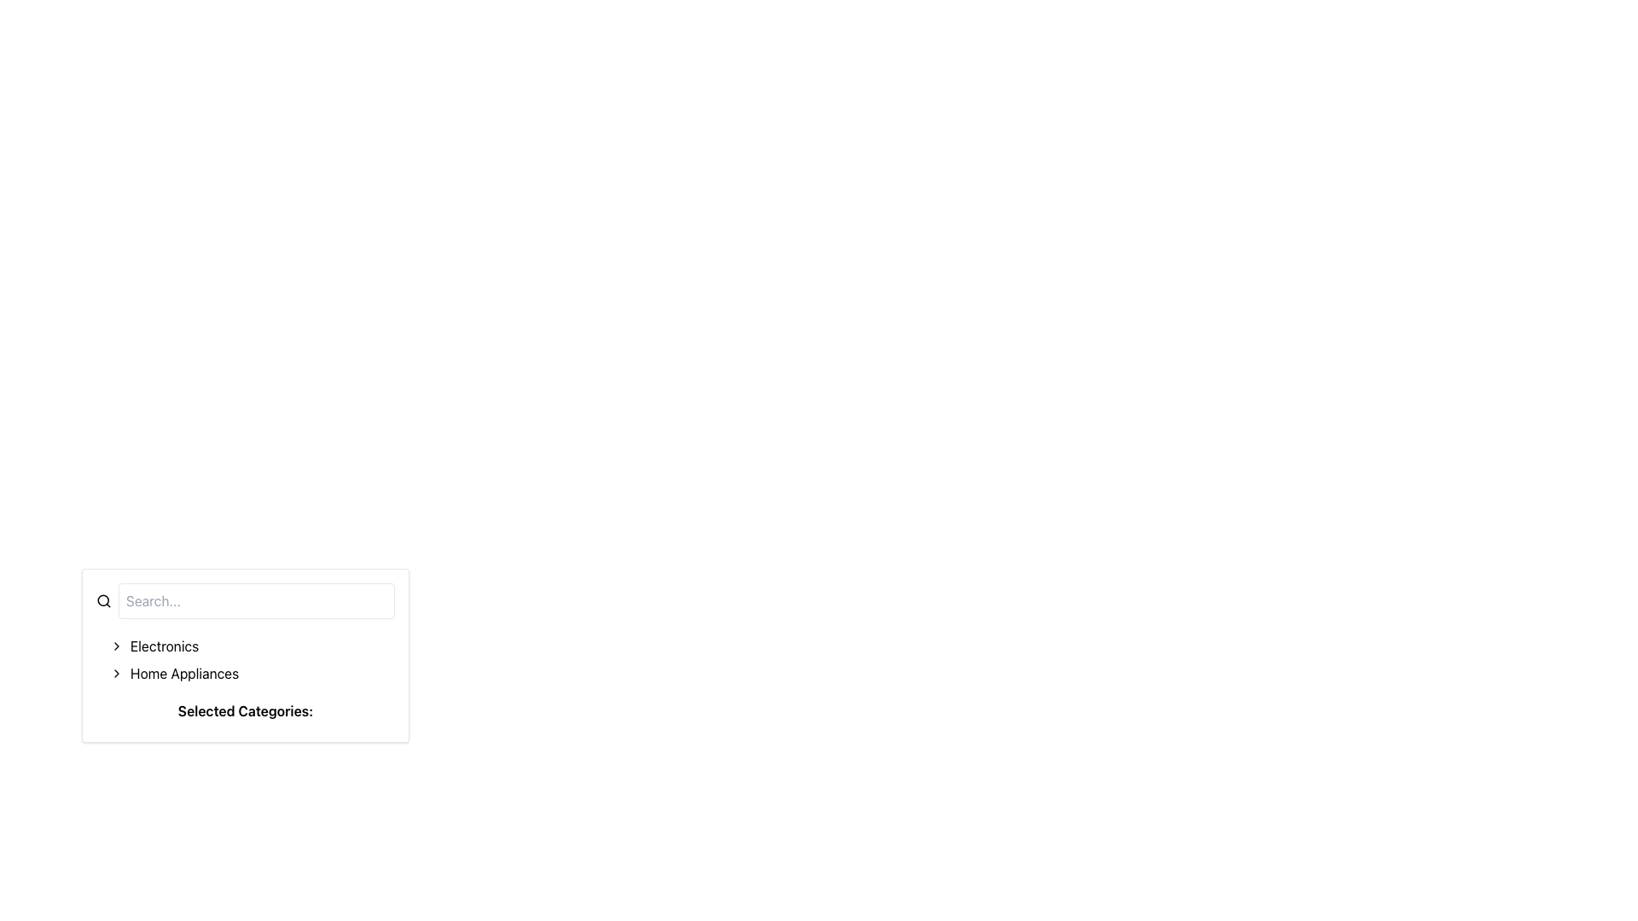  Describe the element at coordinates (245, 710) in the screenshot. I see `the bold text label displaying 'Selected Categories:' located within the white panel beneath the category list` at that location.